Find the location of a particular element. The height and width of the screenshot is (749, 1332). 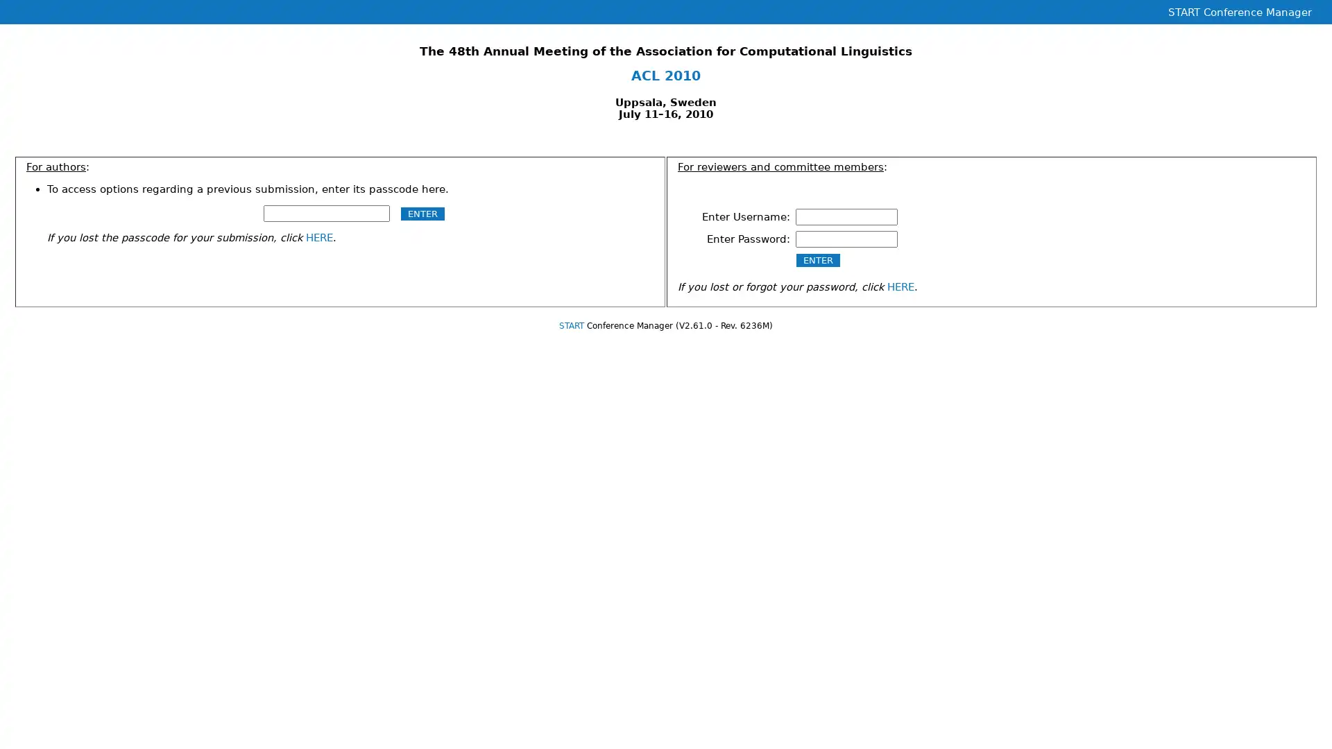

ENTER is located at coordinates (818, 259).